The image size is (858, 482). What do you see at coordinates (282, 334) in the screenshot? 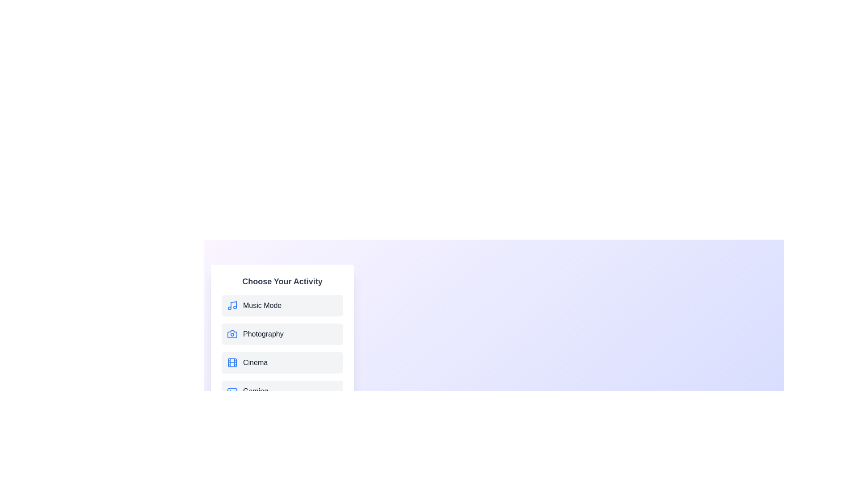
I see `the menu item labeled Photography to observe its hover effect` at bounding box center [282, 334].